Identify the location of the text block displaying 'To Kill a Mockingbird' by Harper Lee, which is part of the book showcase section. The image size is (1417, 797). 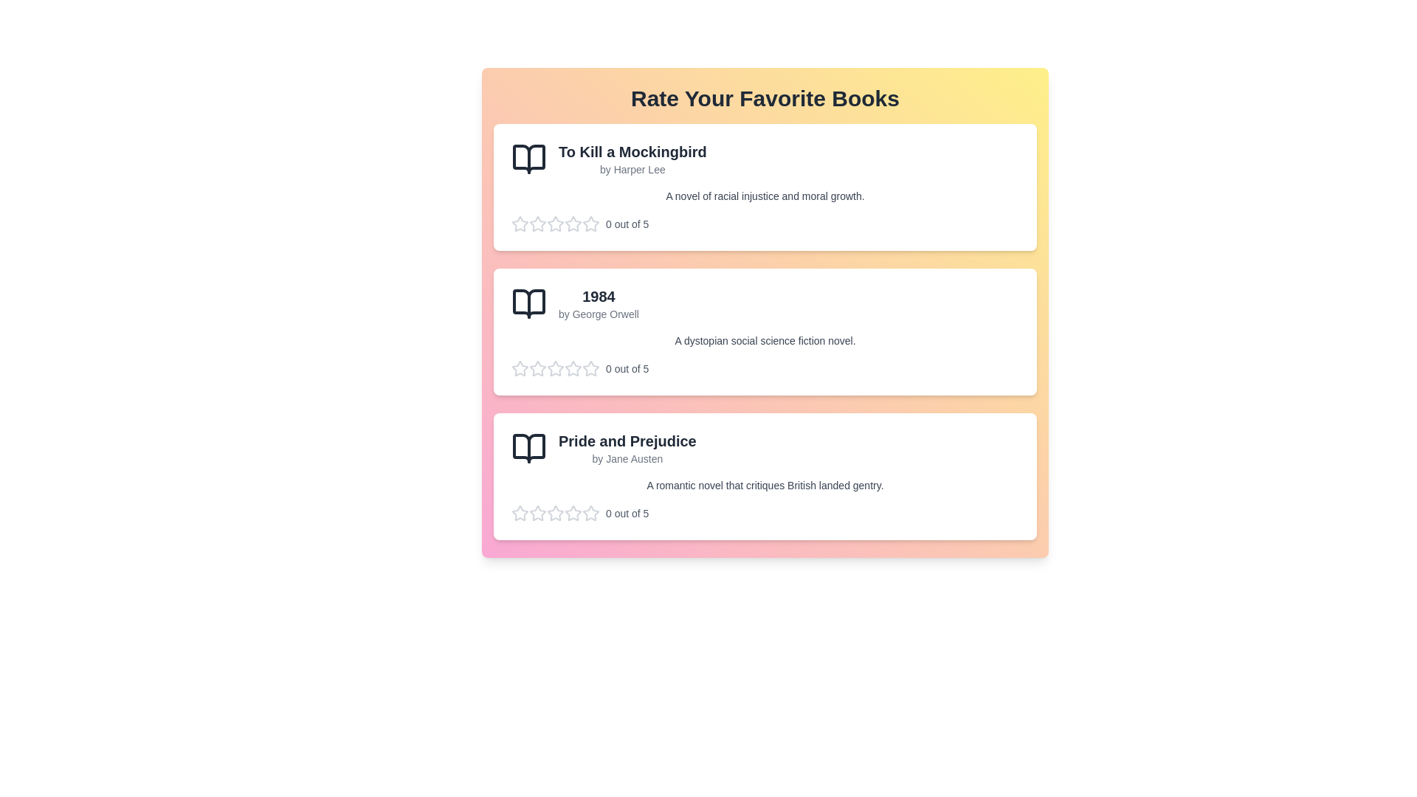
(632, 159).